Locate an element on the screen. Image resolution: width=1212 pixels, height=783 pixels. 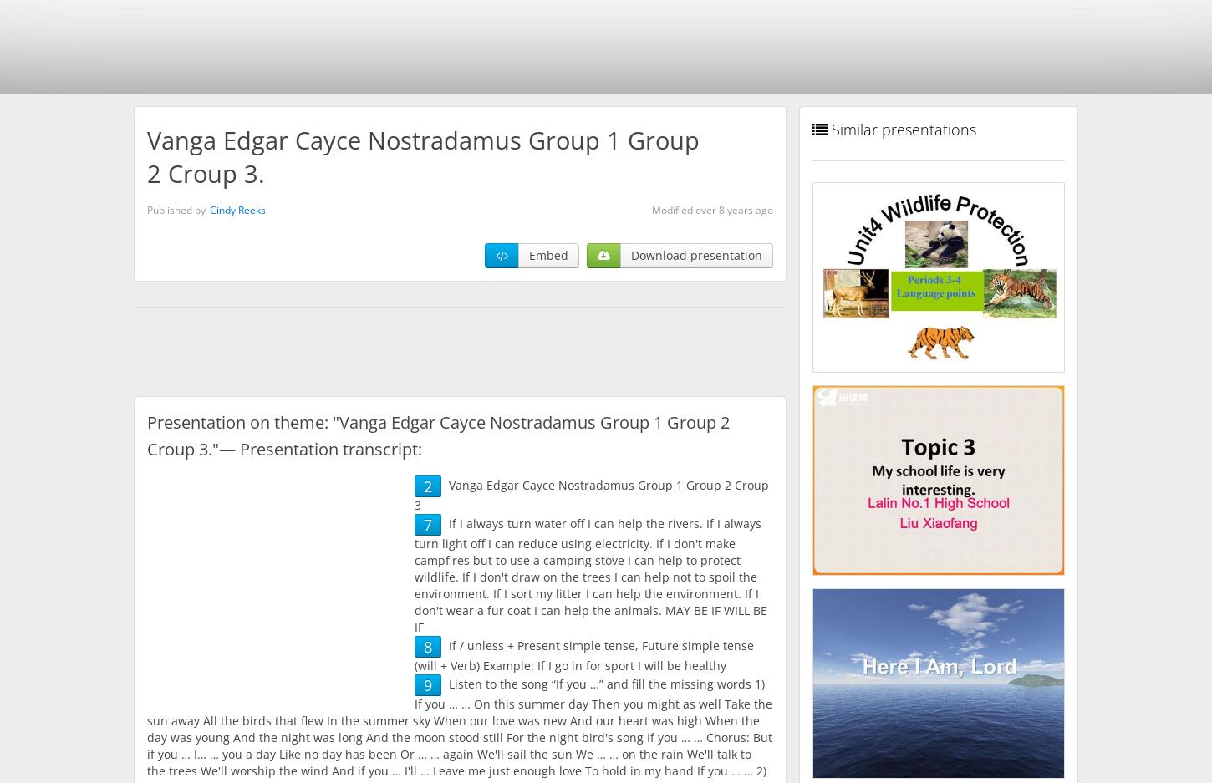
'9' is located at coordinates (424, 684).